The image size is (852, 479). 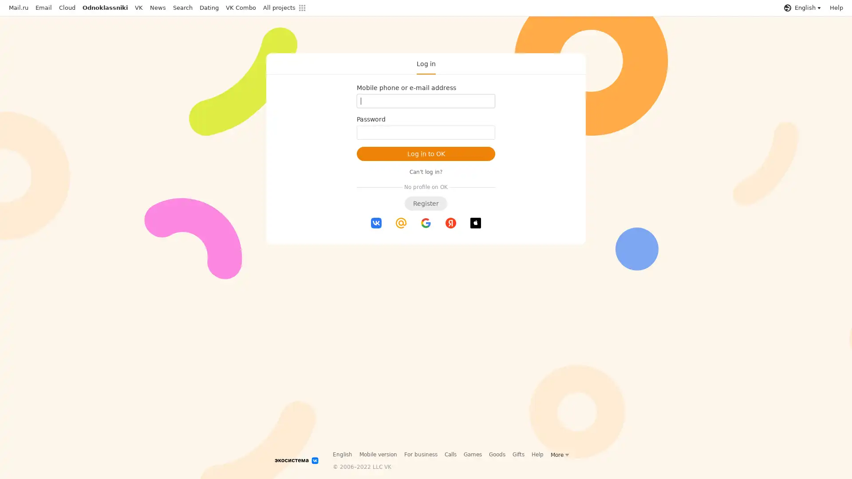 What do you see at coordinates (426, 153) in the screenshot?
I see `Log in to OK` at bounding box center [426, 153].